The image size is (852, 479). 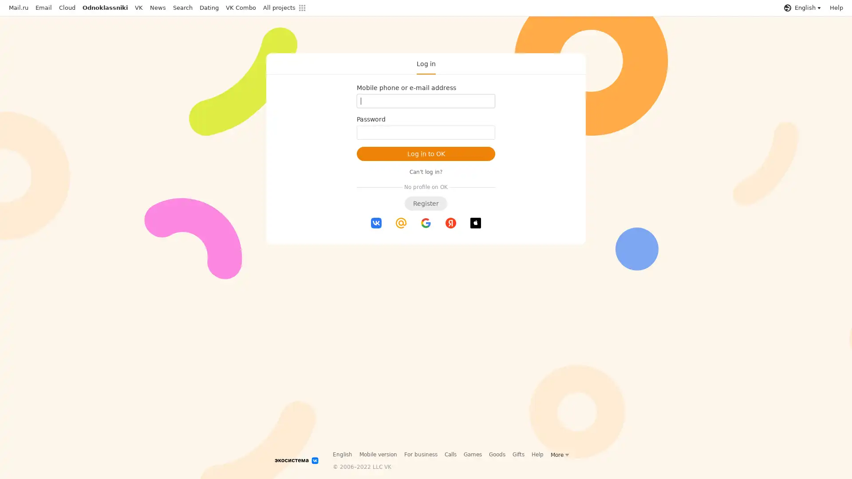 What do you see at coordinates (426, 153) in the screenshot?
I see `Log in to OK` at bounding box center [426, 153].